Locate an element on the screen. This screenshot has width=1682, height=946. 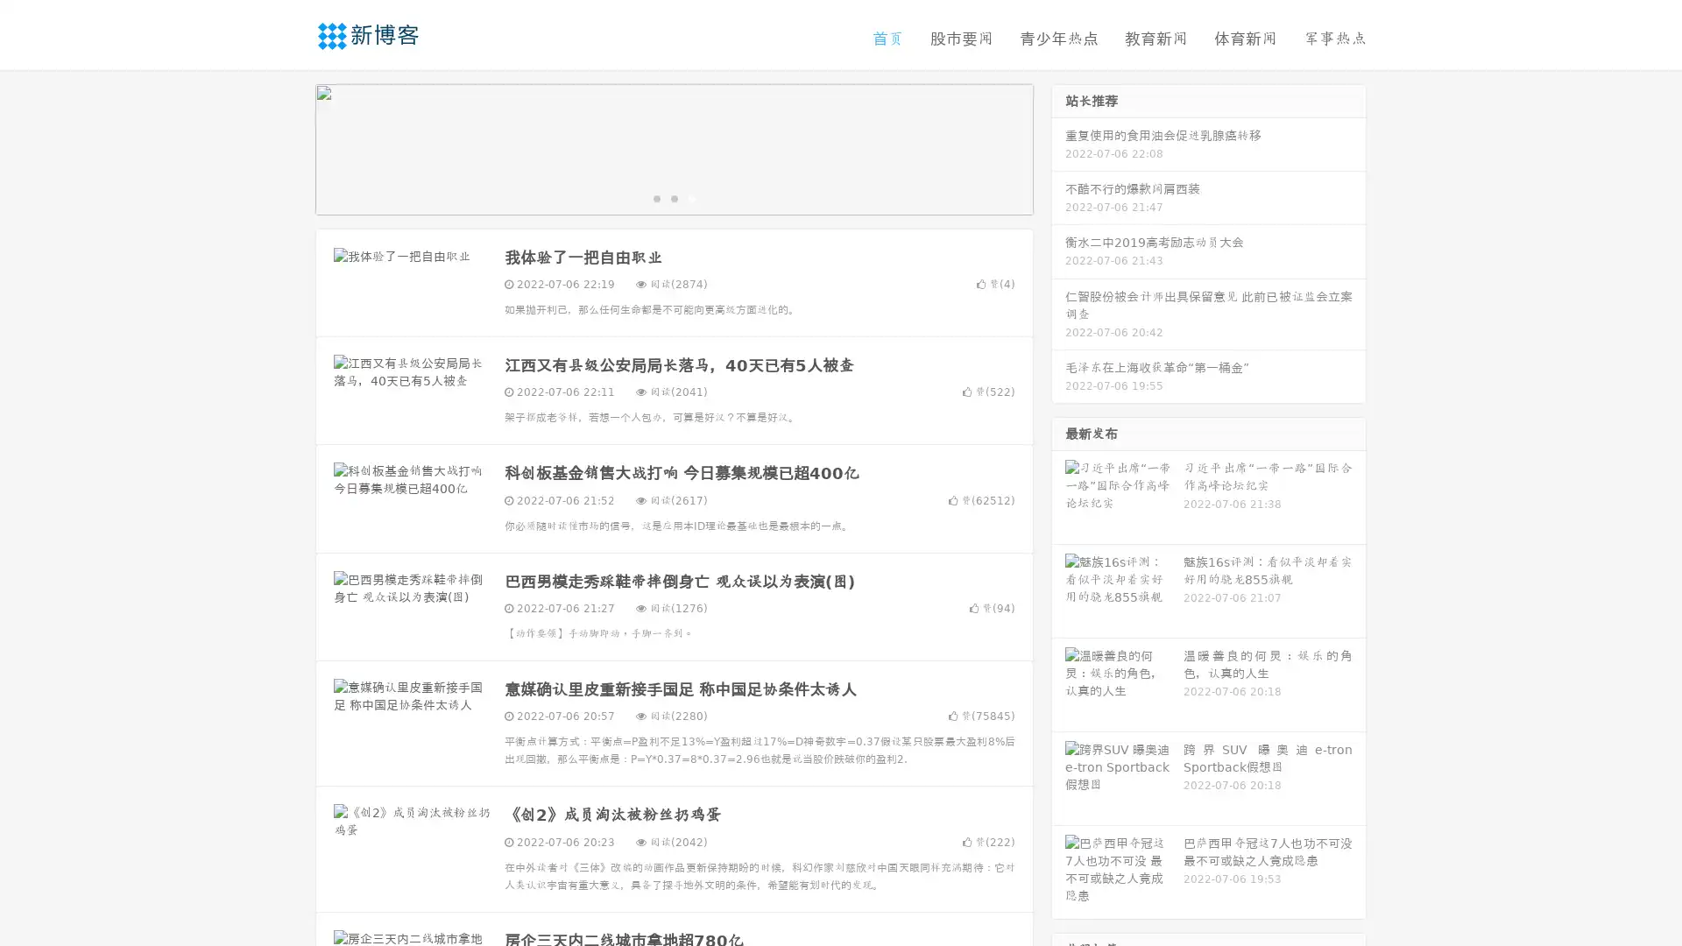
Next slide is located at coordinates (1058, 147).